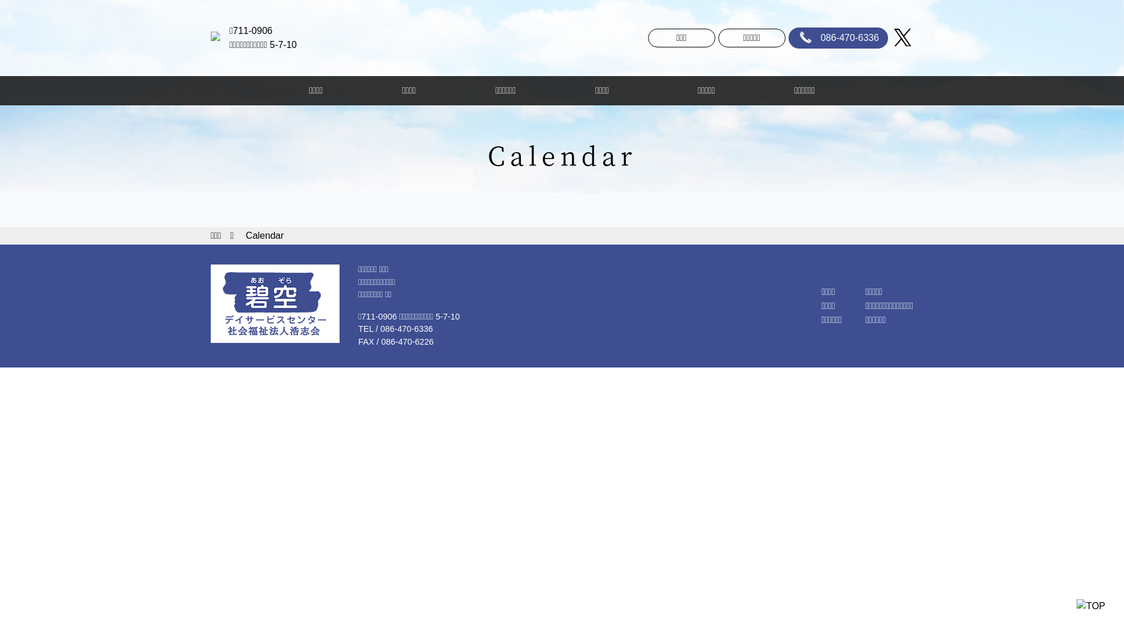 Image resolution: width=1124 pixels, height=632 pixels. I want to click on '086-470-6336', so click(407, 329).